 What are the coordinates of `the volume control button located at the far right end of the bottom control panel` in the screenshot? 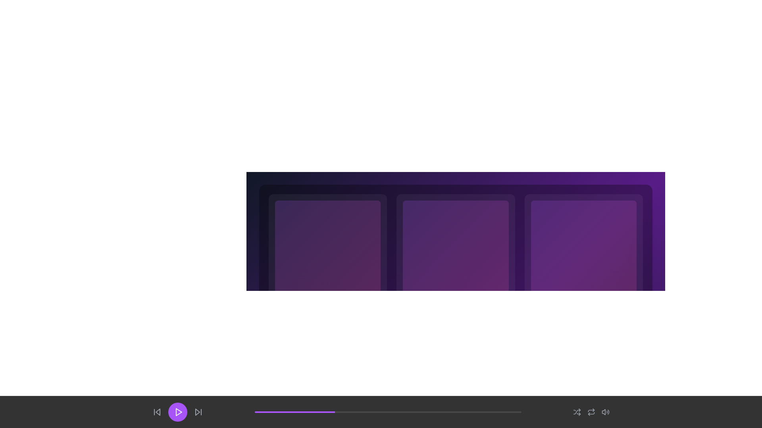 It's located at (605, 412).